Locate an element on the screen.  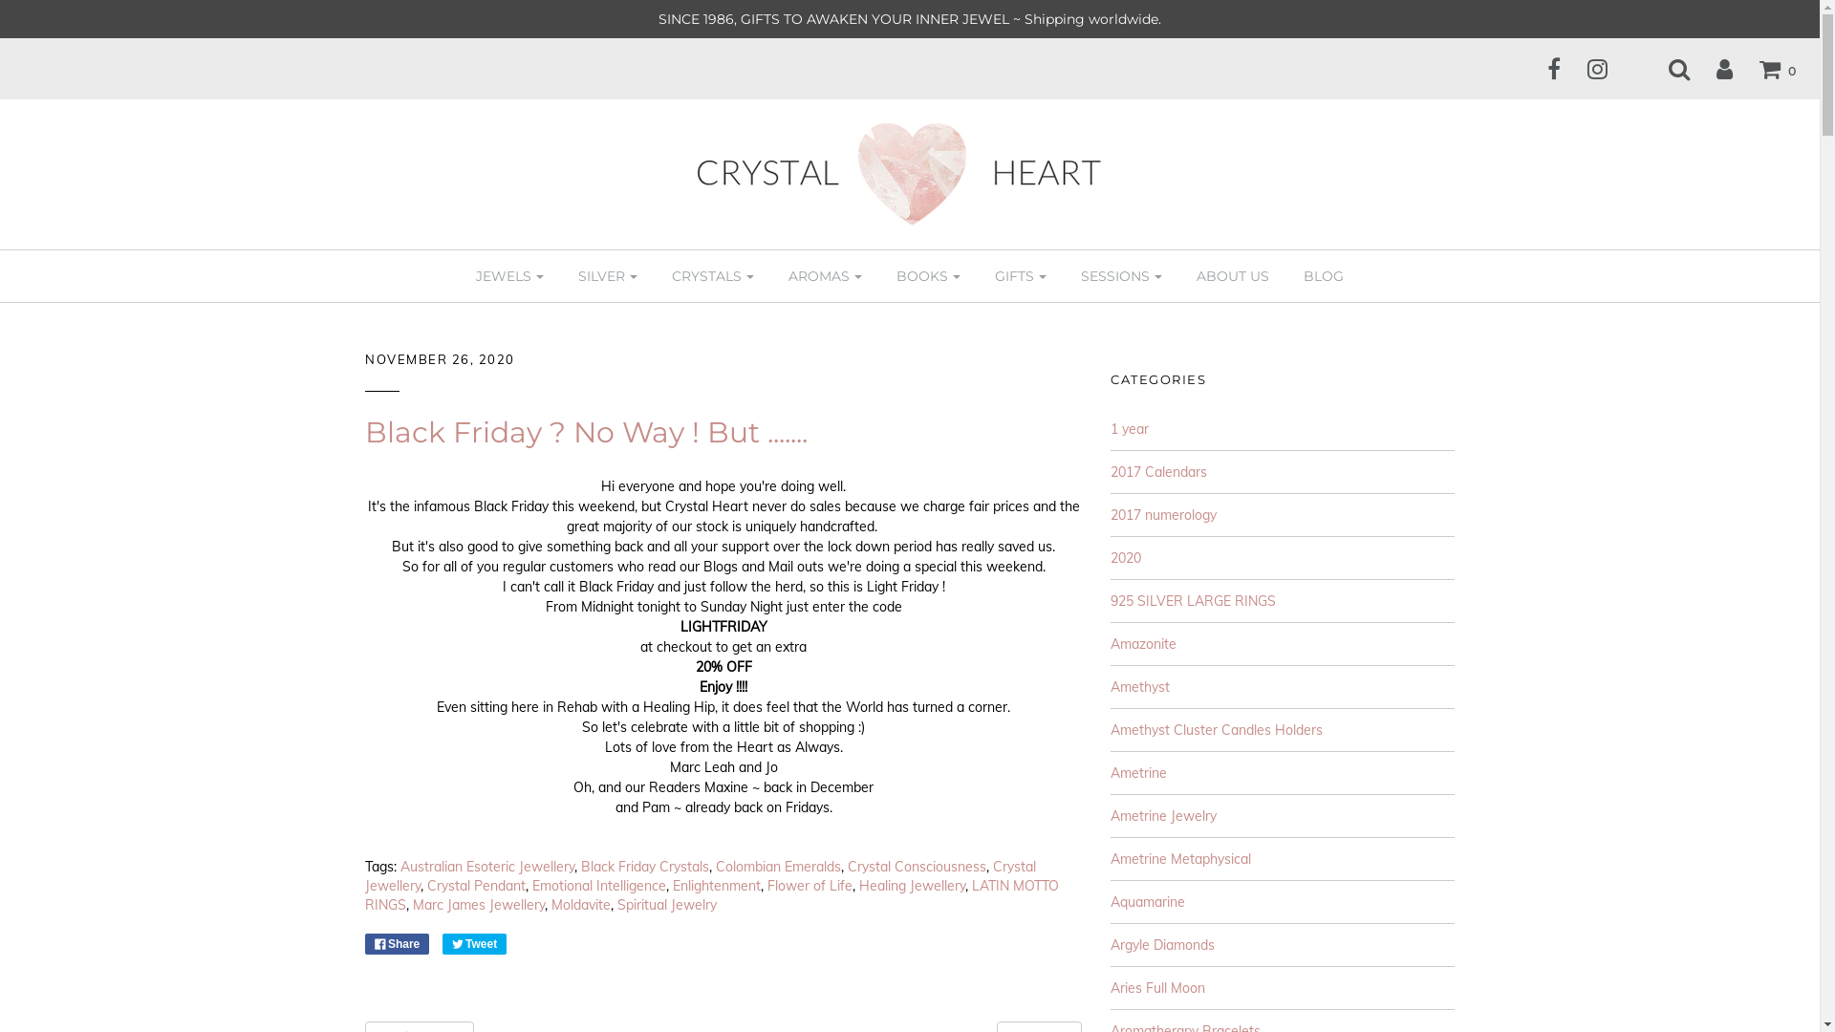
'2017 numerology' is located at coordinates (1162, 514).